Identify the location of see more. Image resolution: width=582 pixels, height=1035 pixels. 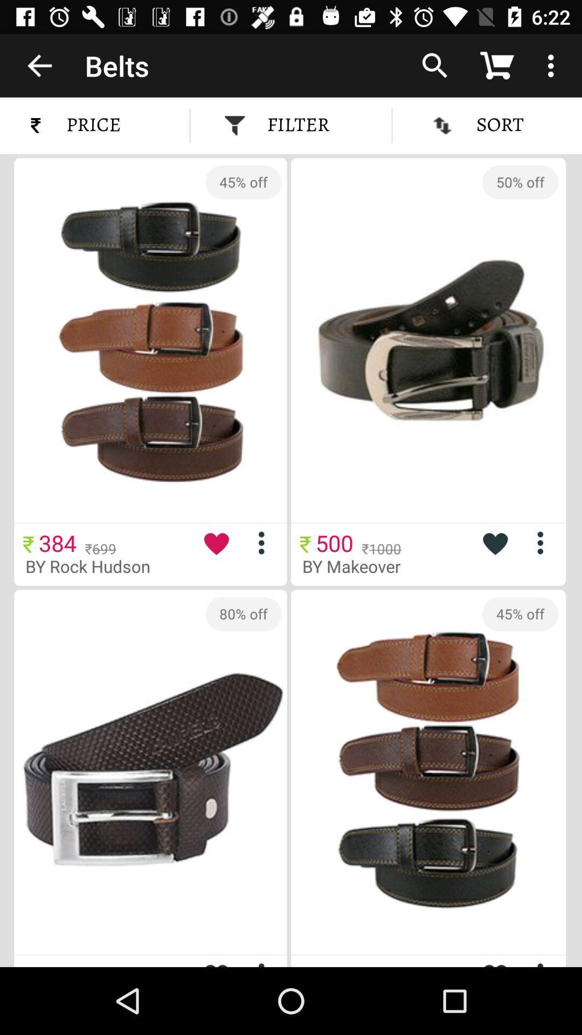
(266, 543).